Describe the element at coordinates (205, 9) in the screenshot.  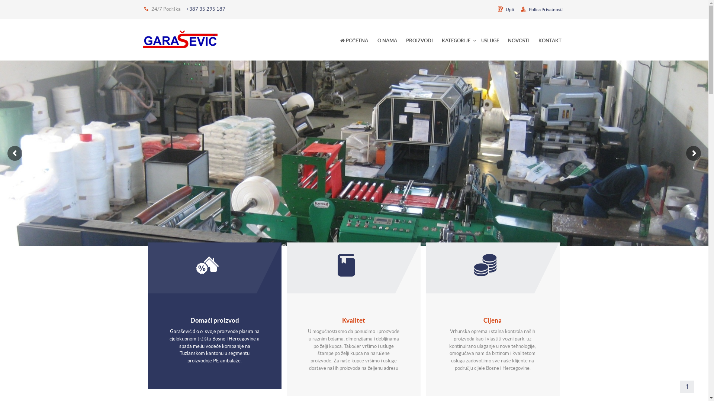
I see `'+387 35 295 187'` at that location.